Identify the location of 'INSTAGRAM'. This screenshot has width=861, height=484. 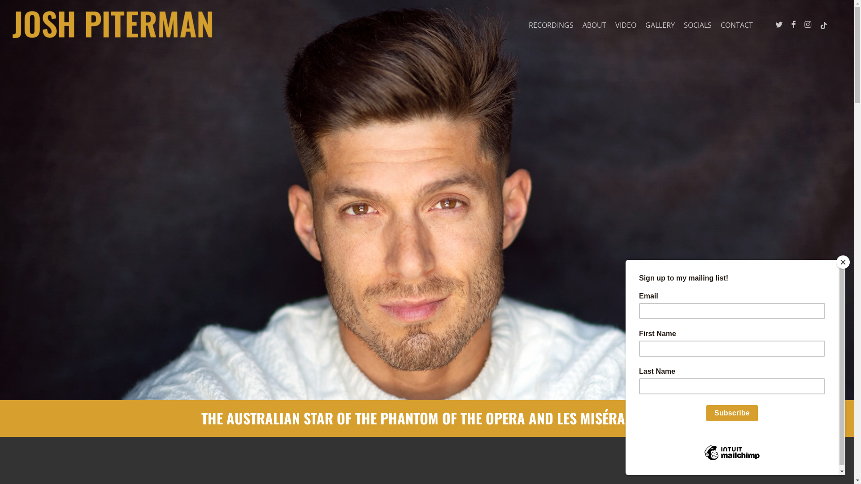
(807, 24).